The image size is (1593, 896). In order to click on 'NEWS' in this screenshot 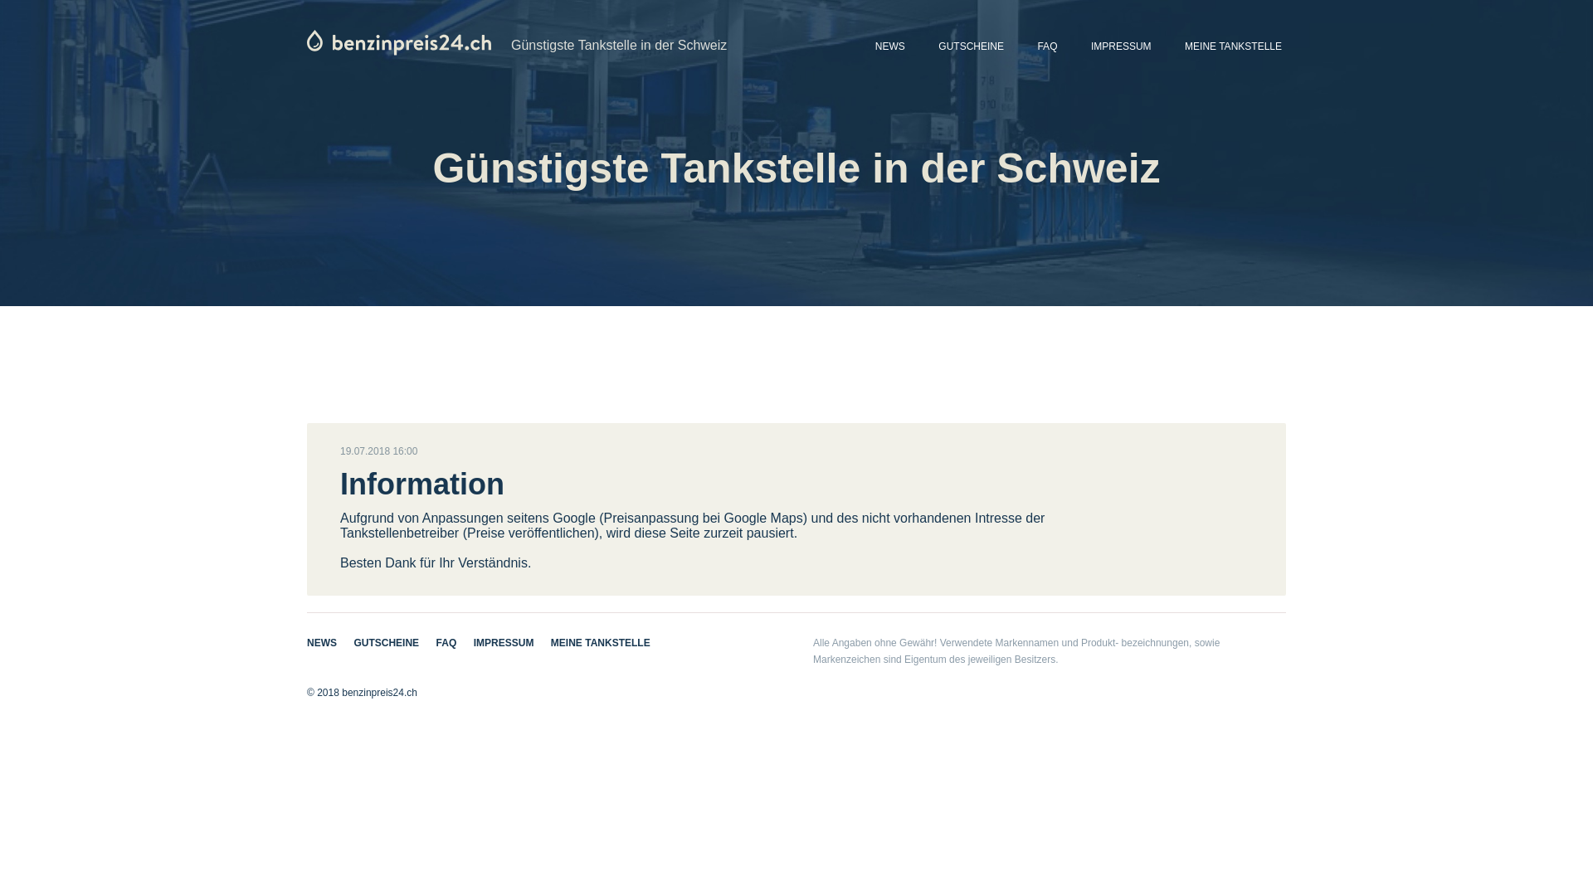, I will do `click(889, 46)`.